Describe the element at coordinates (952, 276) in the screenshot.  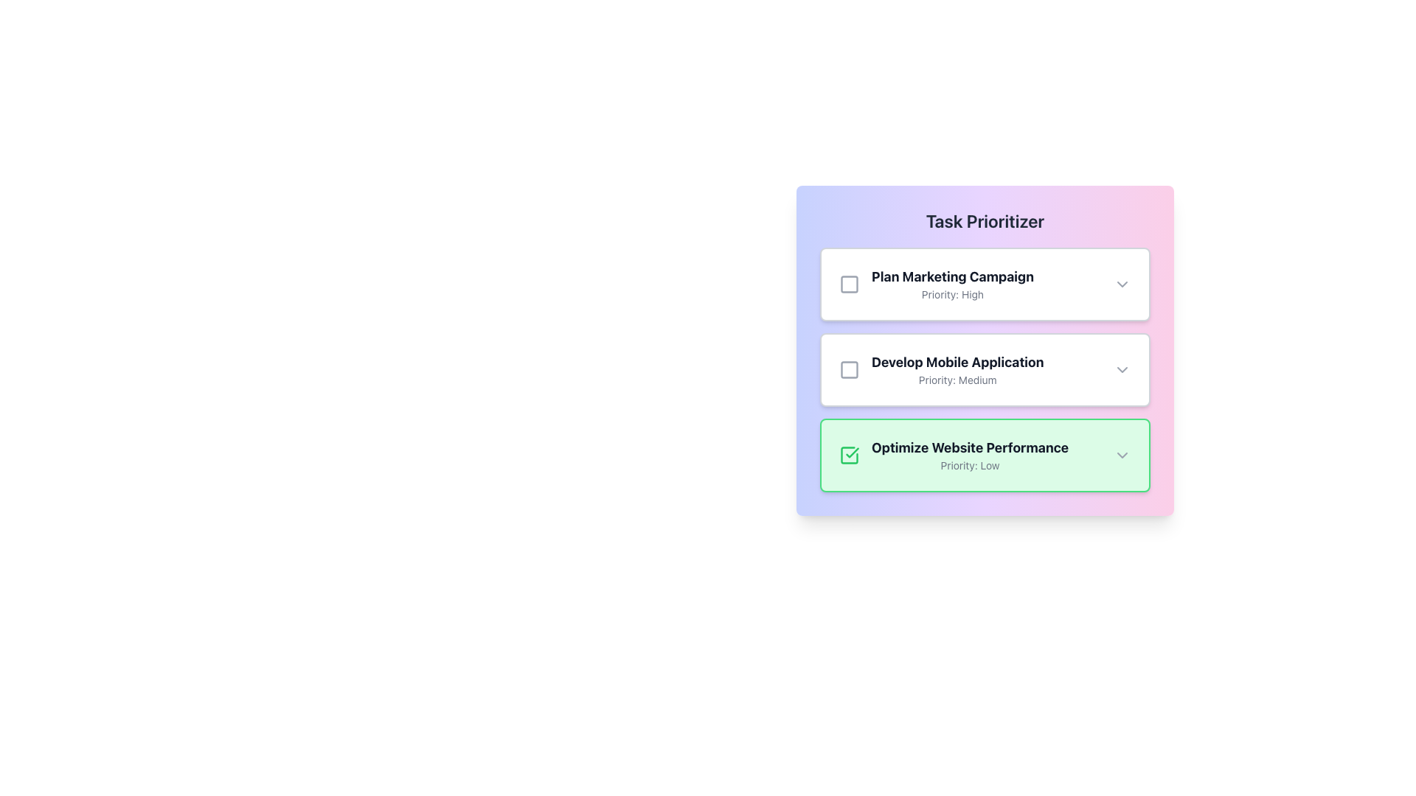
I see `the text label displaying 'Plan Marketing Campaign', which is styled in bold, large font within a white rectangular card` at that location.